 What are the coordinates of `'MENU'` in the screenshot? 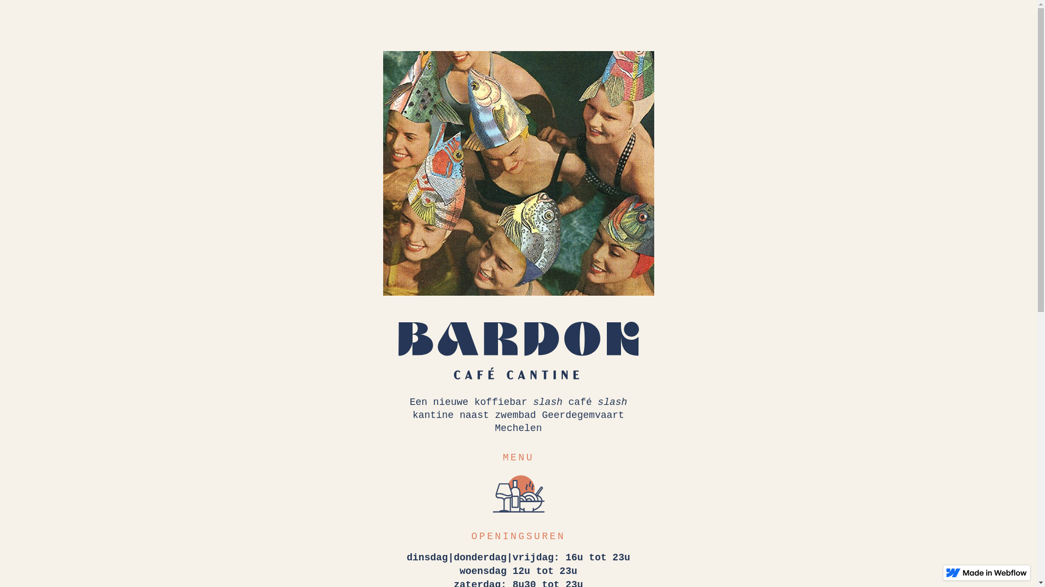 It's located at (518, 457).